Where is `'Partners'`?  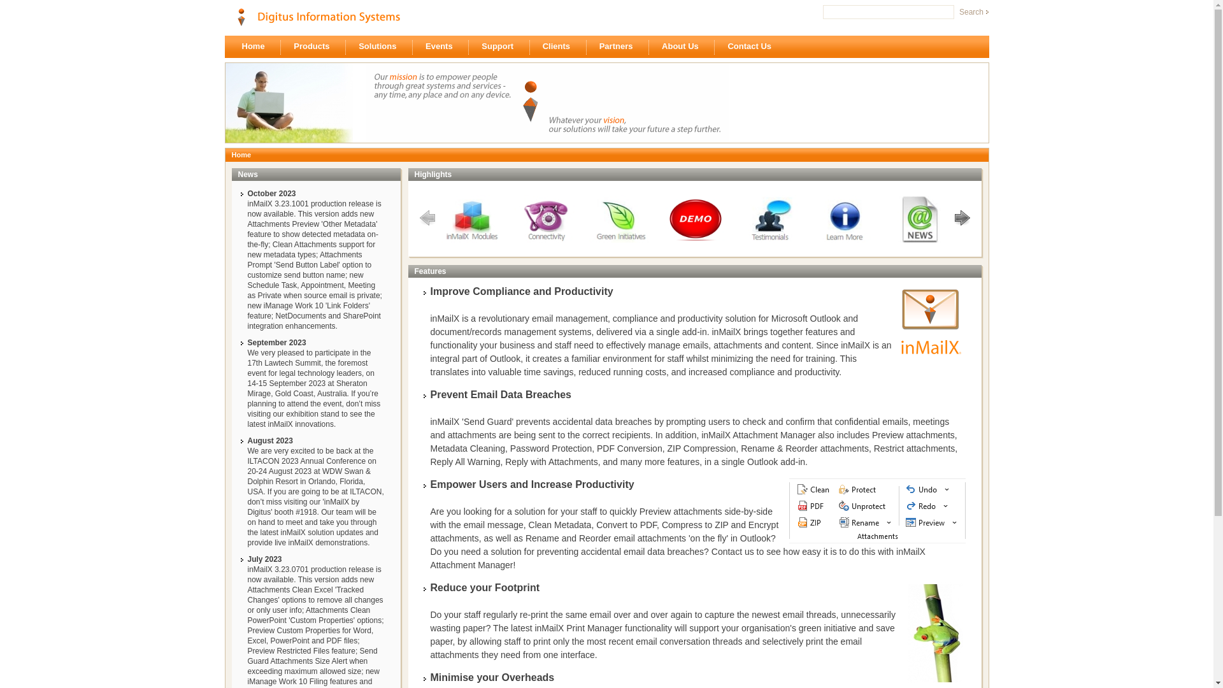
'Partners' is located at coordinates (620, 46).